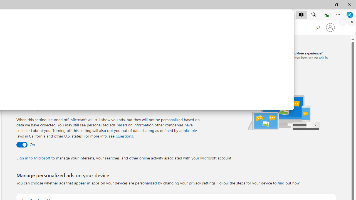 The height and width of the screenshot is (200, 356). Describe the element at coordinates (124, 136) in the screenshot. I see `'Go to Questions section'` at that location.